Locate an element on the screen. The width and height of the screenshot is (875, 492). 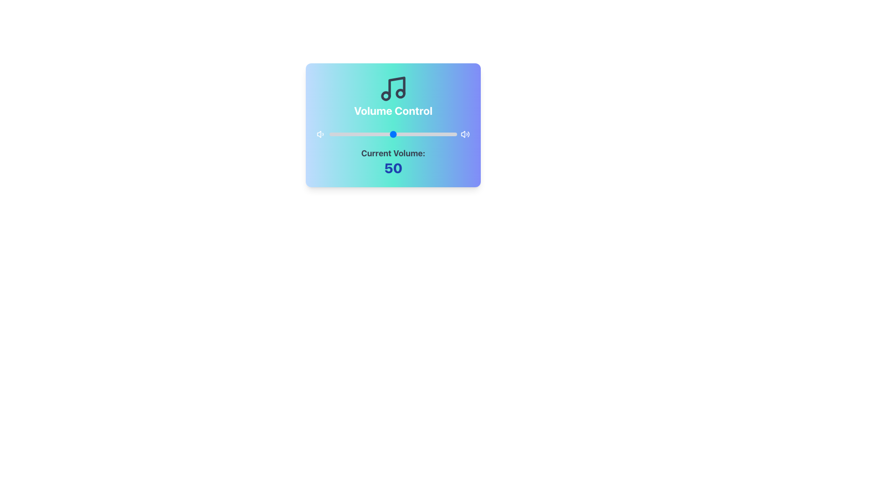
the volume is located at coordinates (454, 134).